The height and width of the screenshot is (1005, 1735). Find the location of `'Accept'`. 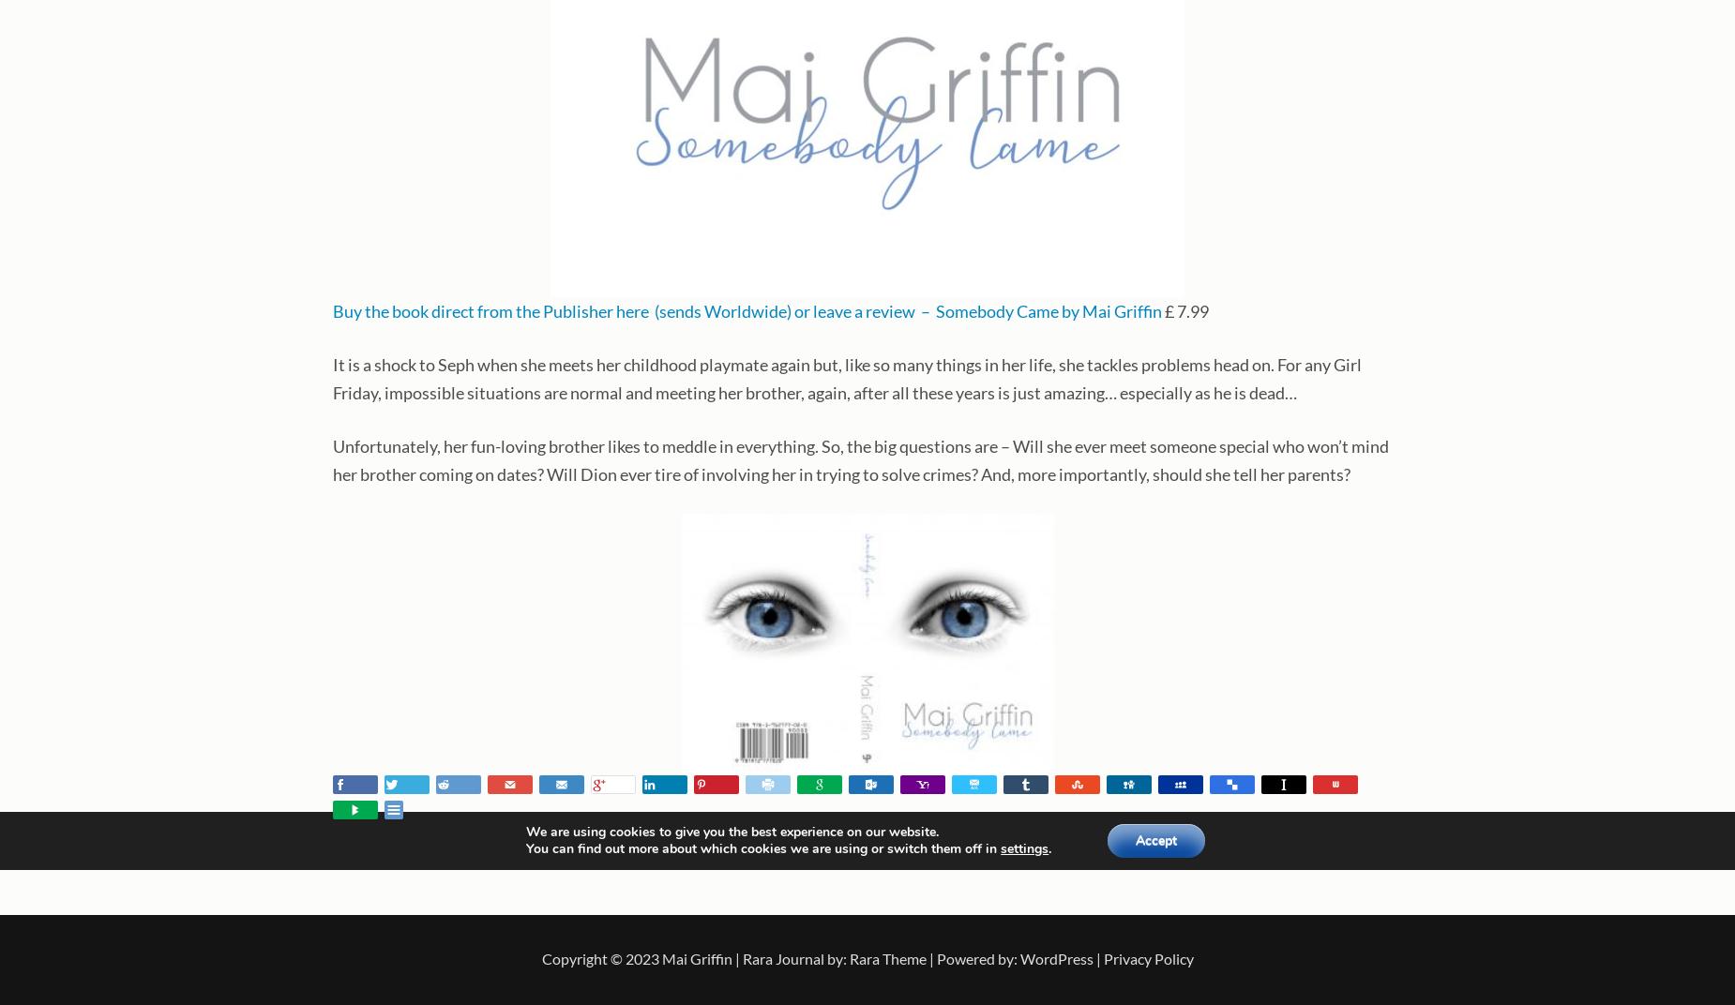

'Accept' is located at coordinates (1154, 840).